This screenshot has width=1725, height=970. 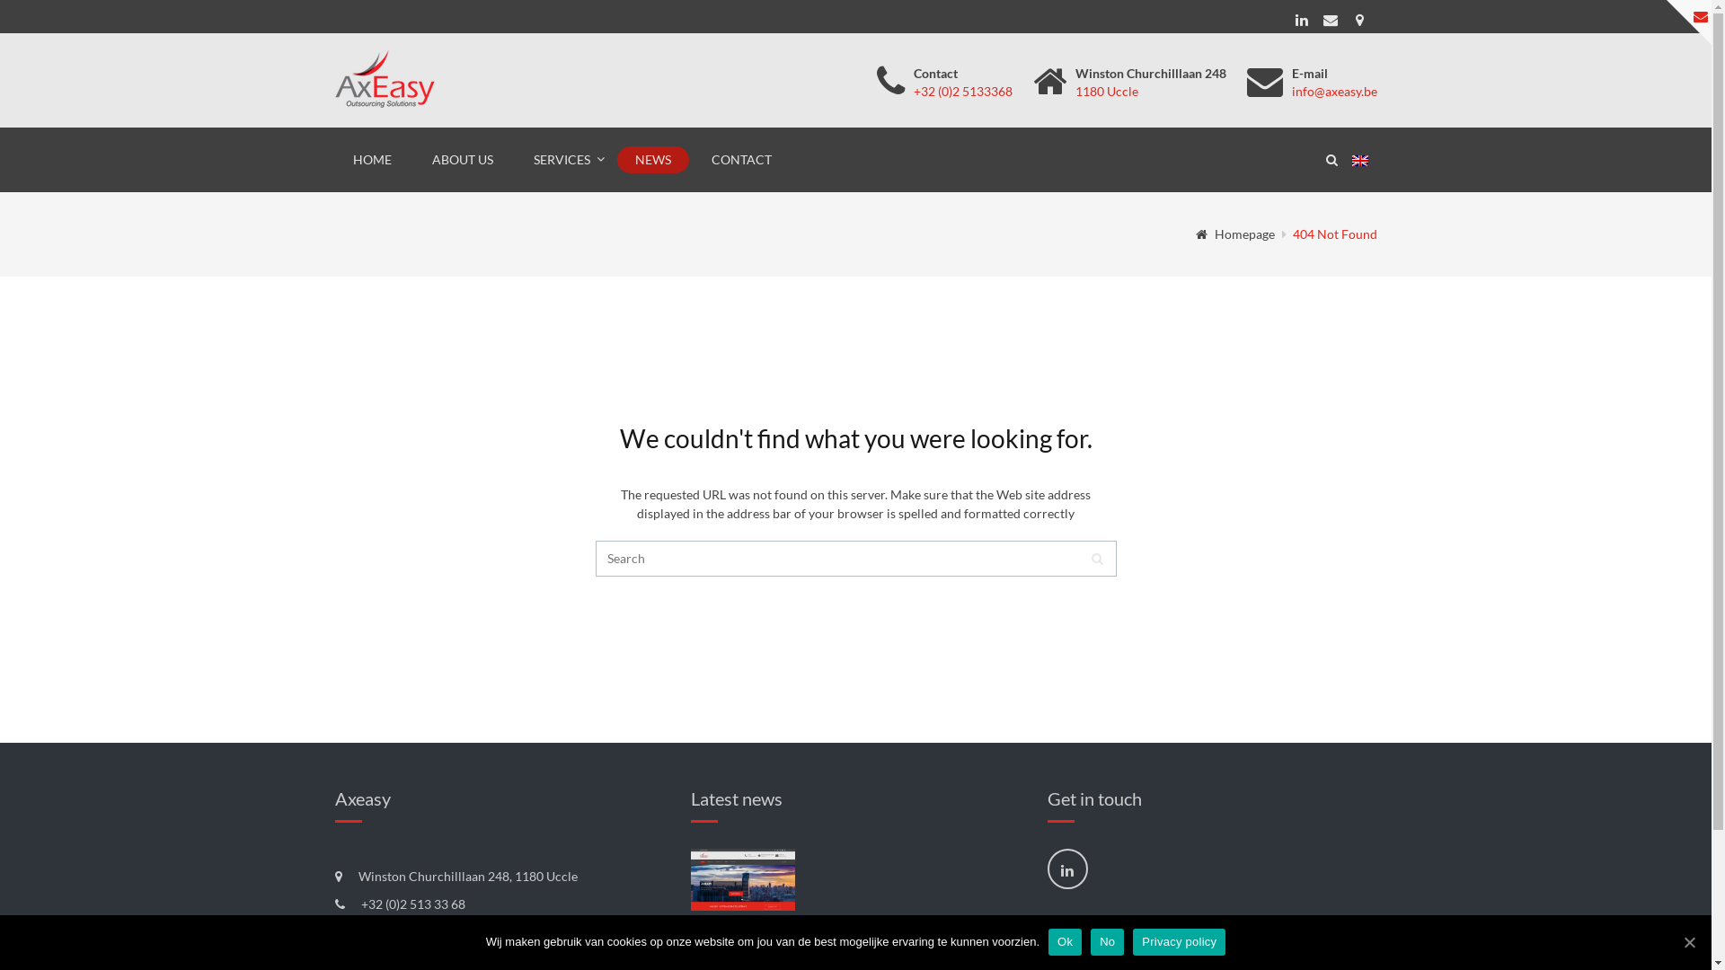 What do you see at coordinates (1291, 91) in the screenshot?
I see `'info@axeasy.be'` at bounding box center [1291, 91].